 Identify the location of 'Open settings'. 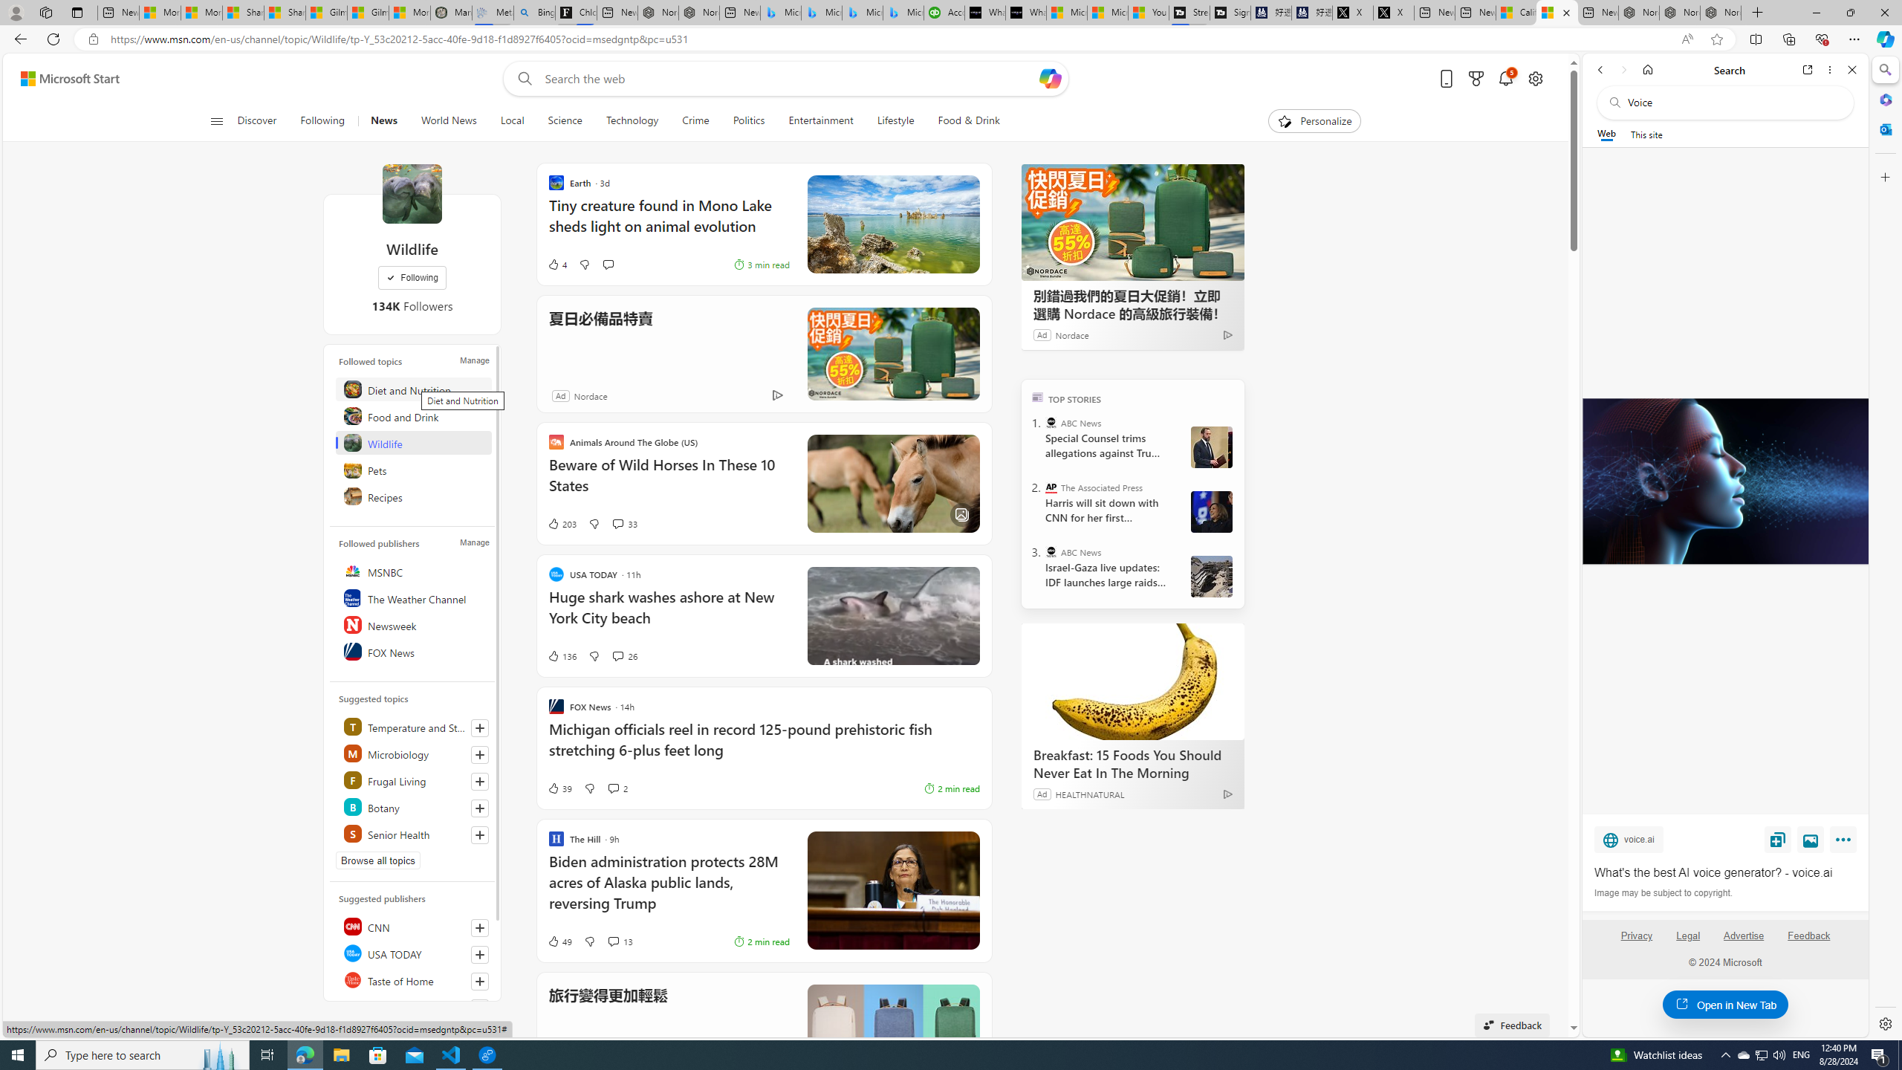
(1535, 79).